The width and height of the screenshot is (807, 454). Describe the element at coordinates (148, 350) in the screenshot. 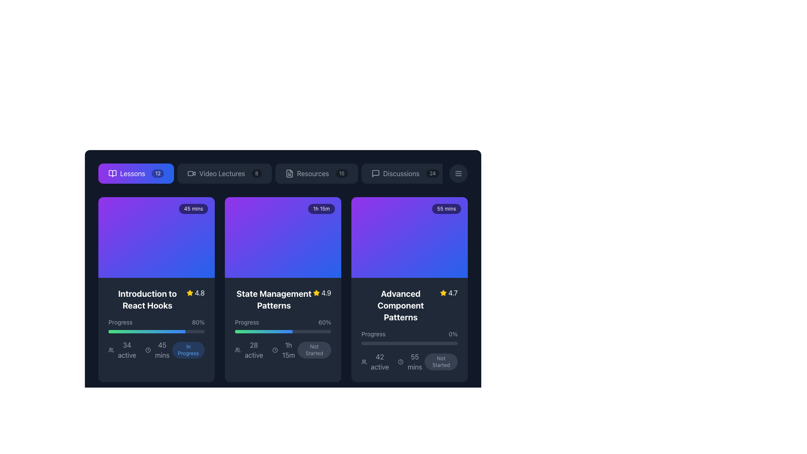

I see `the small circular clock icon with a gray color scheme located before the numeric text '45 mins' in the card labeled 'Introduction to React Hooks'` at that location.